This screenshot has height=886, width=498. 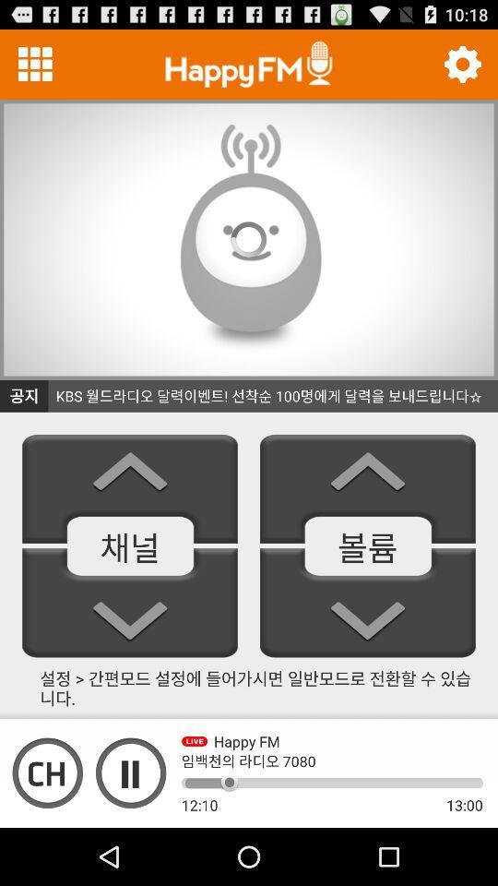 What do you see at coordinates (35, 68) in the screenshot?
I see `the dialpad icon` at bounding box center [35, 68].